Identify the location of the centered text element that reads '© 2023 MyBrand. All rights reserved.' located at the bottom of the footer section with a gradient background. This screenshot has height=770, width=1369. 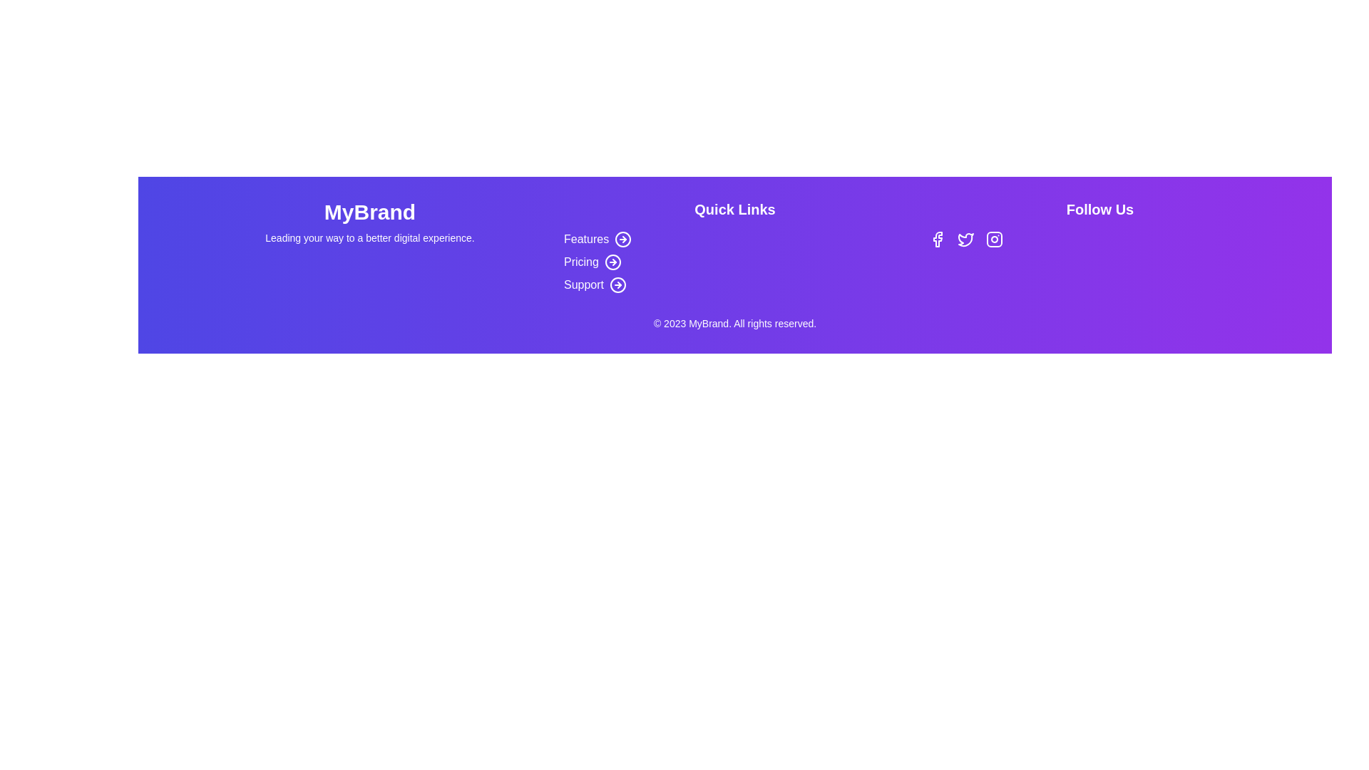
(735, 324).